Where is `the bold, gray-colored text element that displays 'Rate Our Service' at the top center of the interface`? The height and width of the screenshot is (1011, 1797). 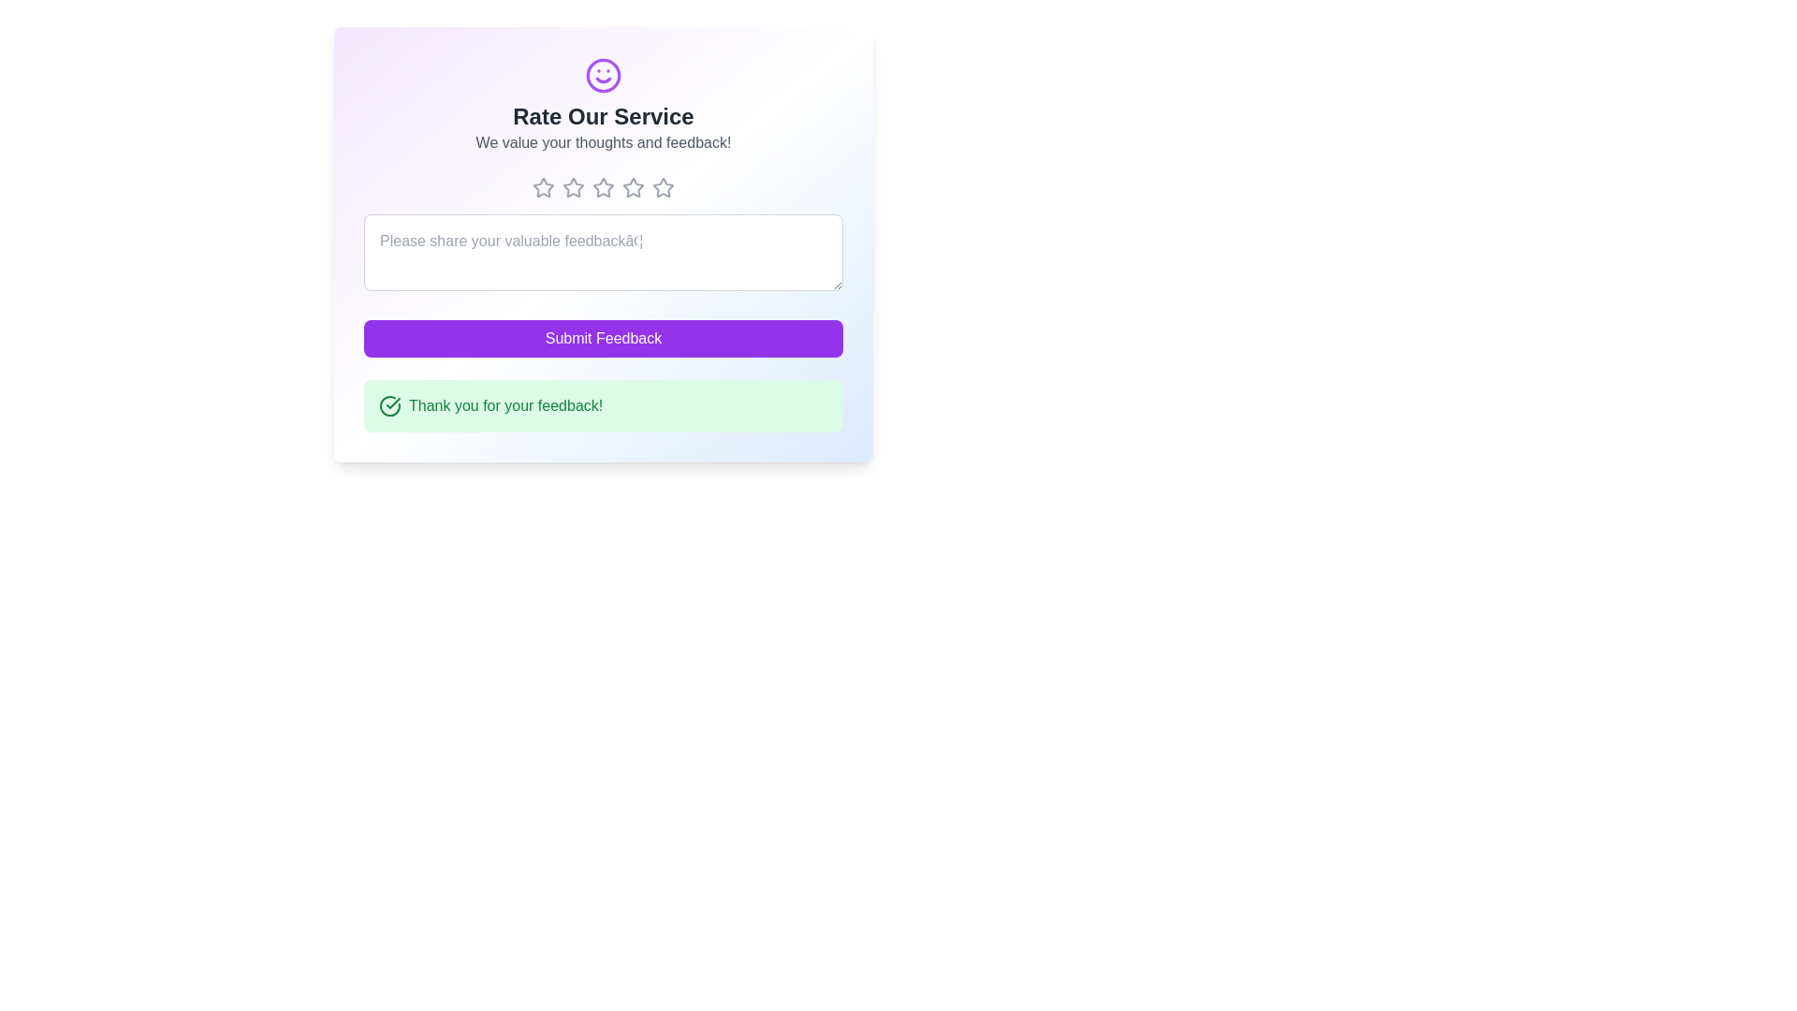
the bold, gray-colored text element that displays 'Rate Our Service' at the top center of the interface is located at coordinates (603, 116).